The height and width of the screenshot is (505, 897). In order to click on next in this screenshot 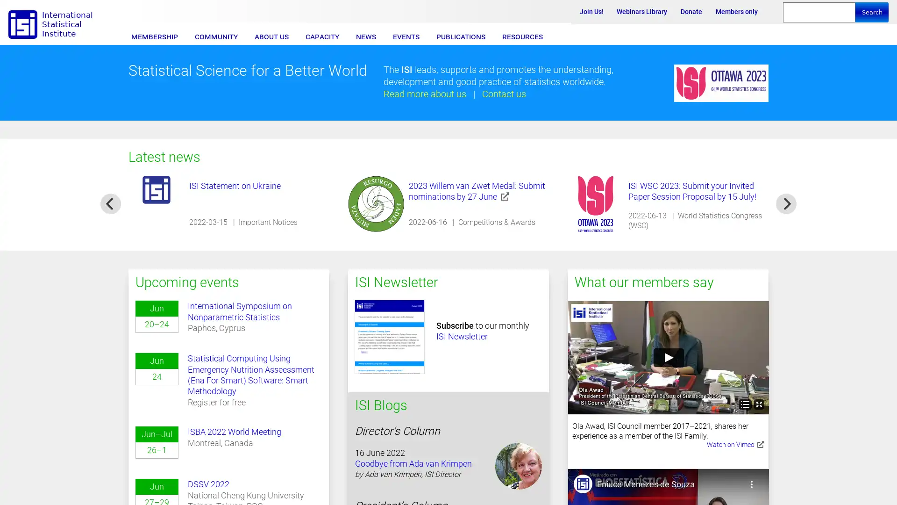, I will do `click(786, 203)`.